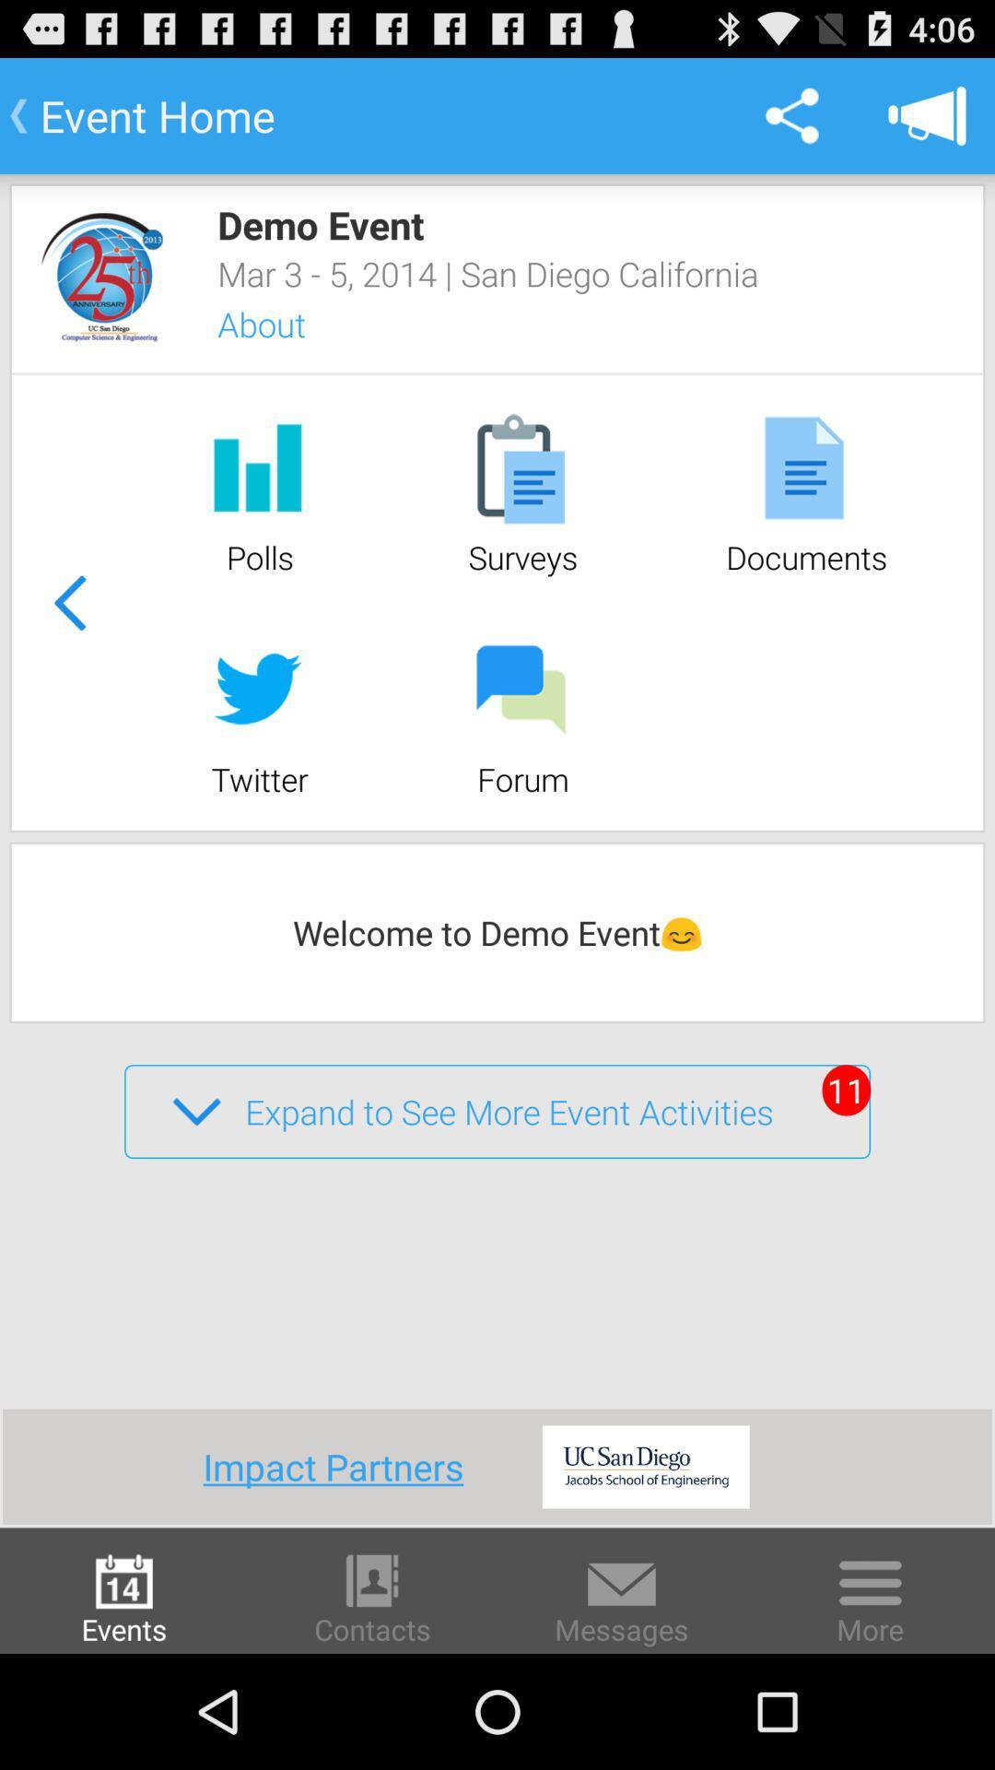  What do you see at coordinates (68, 602) in the screenshot?
I see `previous` at bounding box center [68, 602].